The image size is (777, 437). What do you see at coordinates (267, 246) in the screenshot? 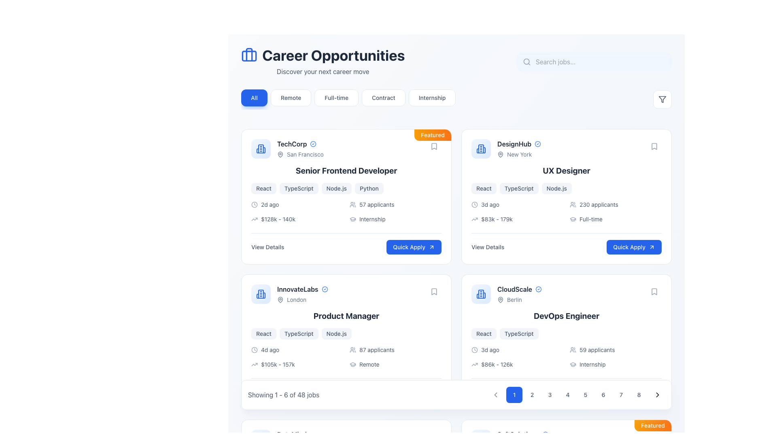
I see `the 'View Details' textual link styled as a clickable button to change its color, located at the bottom left of the job posting card` at bounding box center [267, 246].